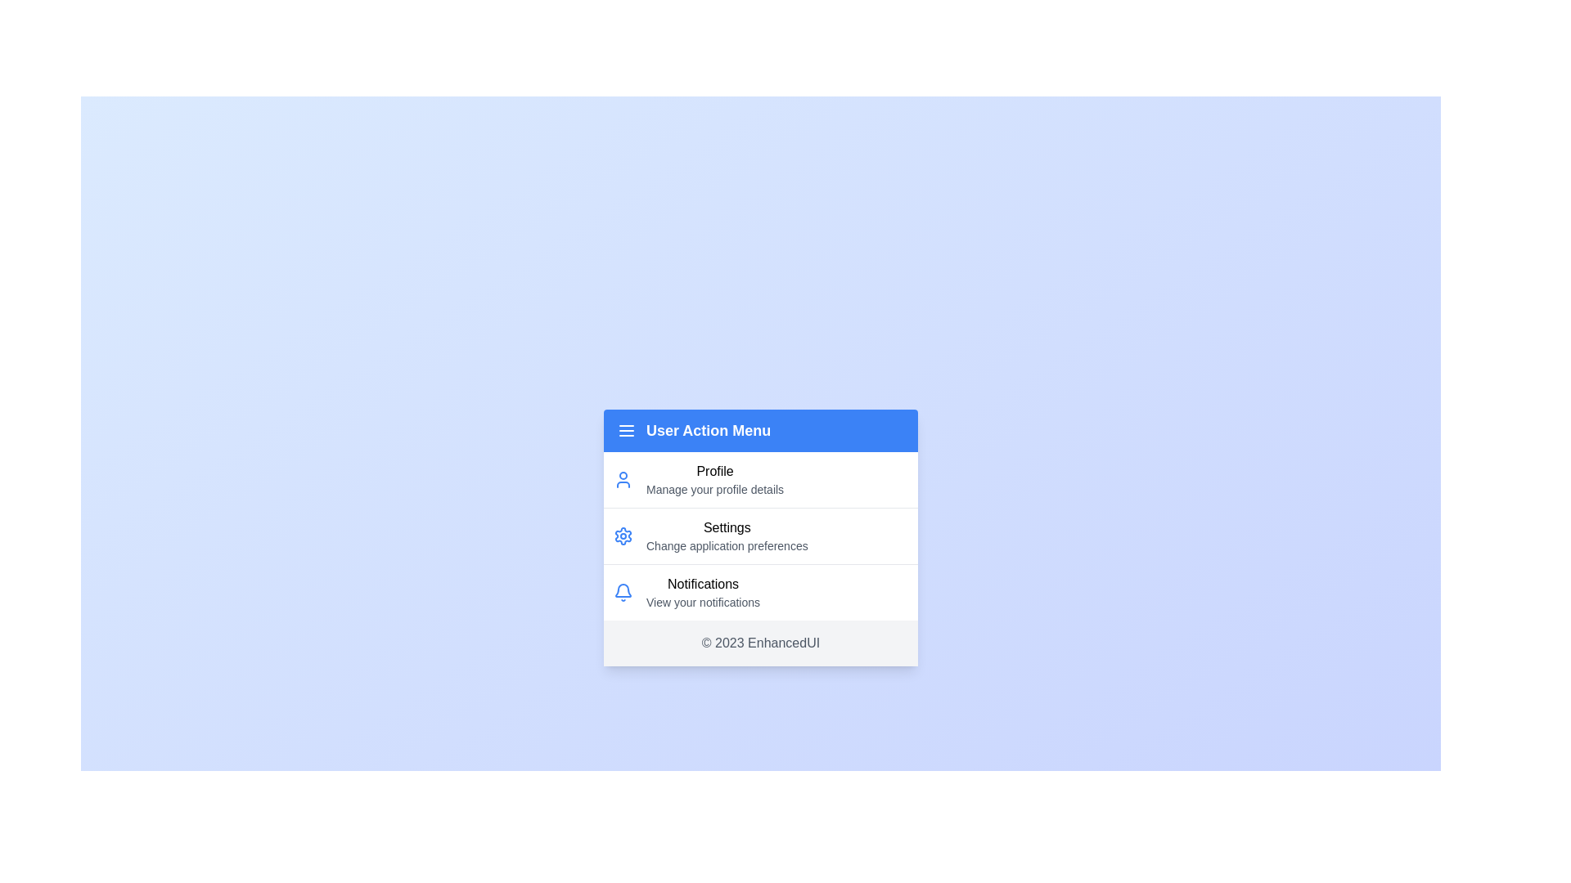 The height and width of the screenshot is (883, 1571). I want to click on the menu item Notifications, so click(760, 592).